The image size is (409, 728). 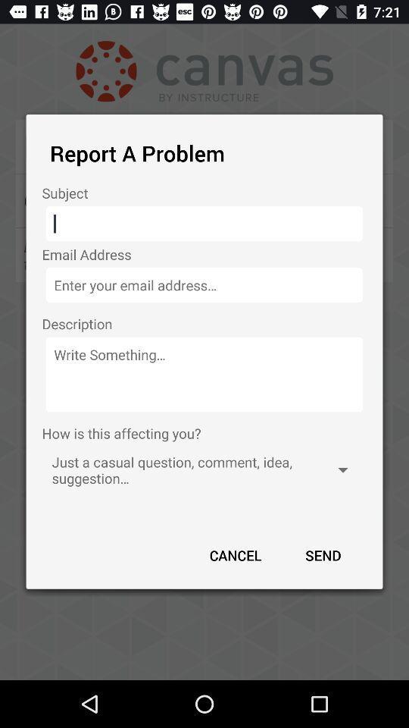 What do you see at coordinates (204, 223) in the screenshot?
I see `text input` at bounding box center [204, 223].